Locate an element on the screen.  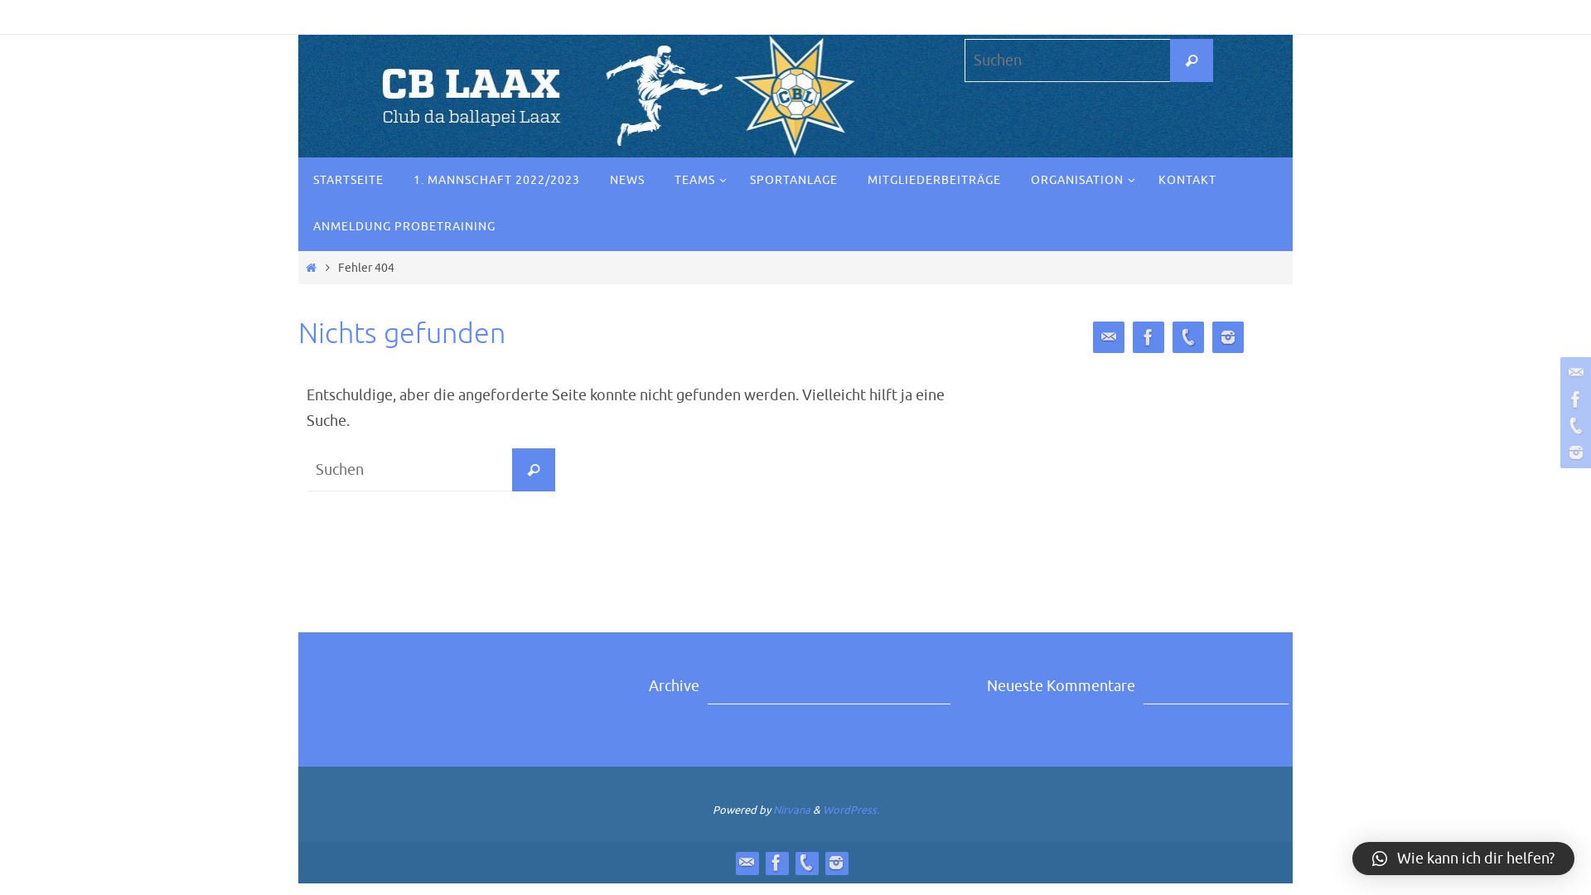
'SPORTANLAGE' is located at coordinates (793, 181).